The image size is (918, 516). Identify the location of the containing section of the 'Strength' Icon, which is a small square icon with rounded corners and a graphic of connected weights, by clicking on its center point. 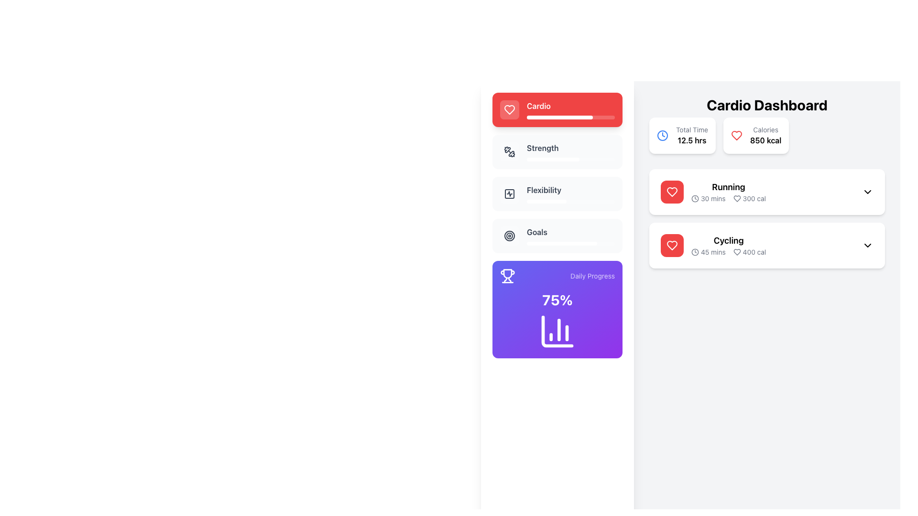
(509, 151).